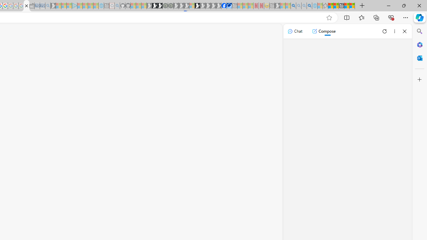  I want to click on 'github - Search - Sleeping', so click(117, 6).